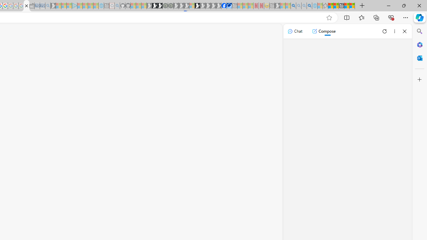  I want to click on 'github - Search - Sleeping', so click(117, 6).